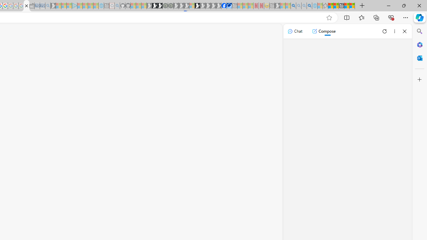  I want to click on 'github - Search - Sleeping', so click(117, 6).